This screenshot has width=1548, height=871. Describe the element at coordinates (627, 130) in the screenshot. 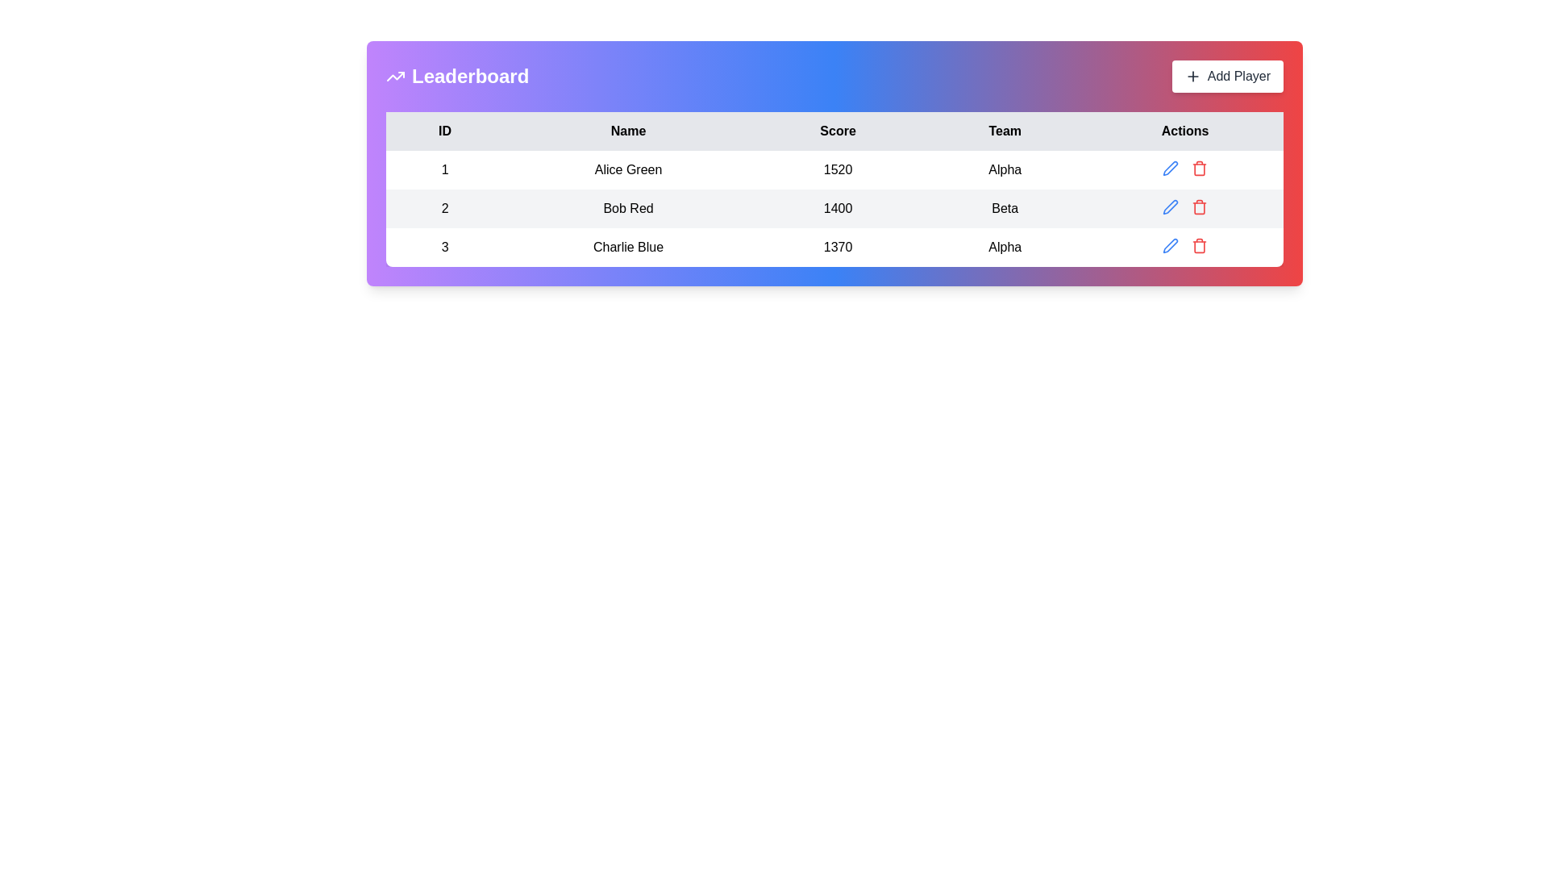

I see `the second column header in the table that displays names of individuals, located between the 'ID' and 'Score' columns` at that location.